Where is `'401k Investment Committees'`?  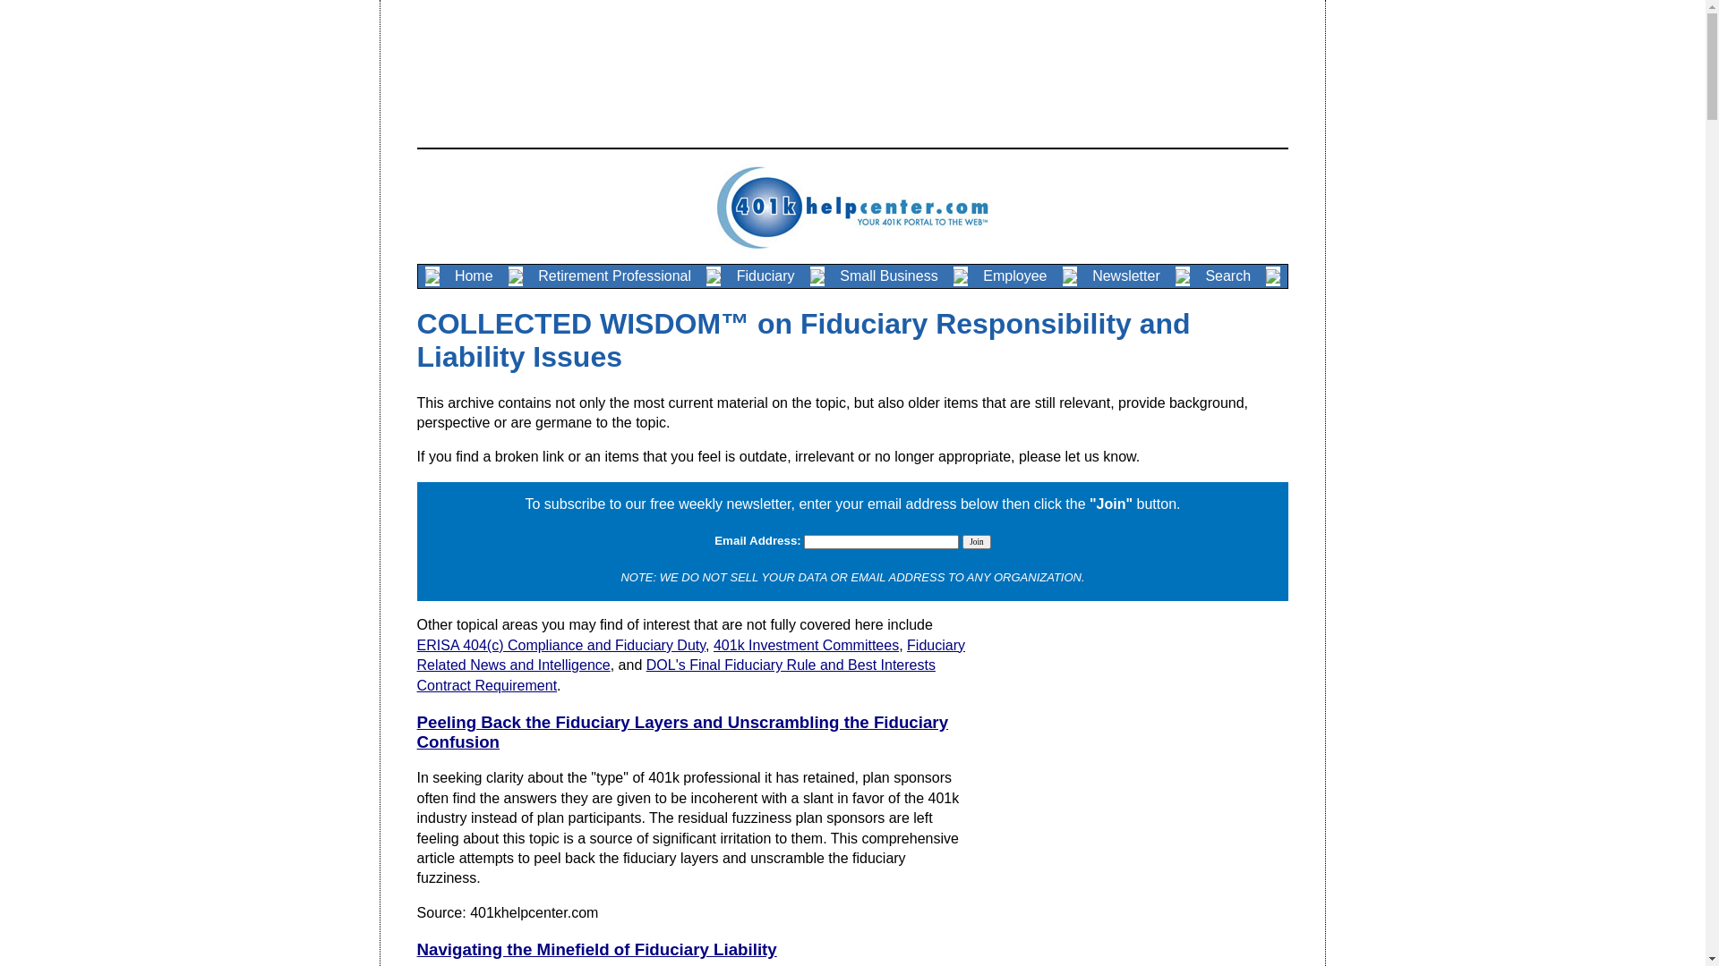
'401k Investment Committees' is located at coordinates (712, 645).